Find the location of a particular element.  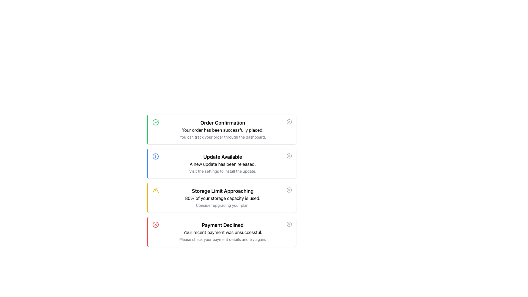

the text element that reads, 'Please check your payment details and try again.' which is styled with a smaller gray font and positioned below the message about unsuccessful payment is located at coordinates (223, 239).